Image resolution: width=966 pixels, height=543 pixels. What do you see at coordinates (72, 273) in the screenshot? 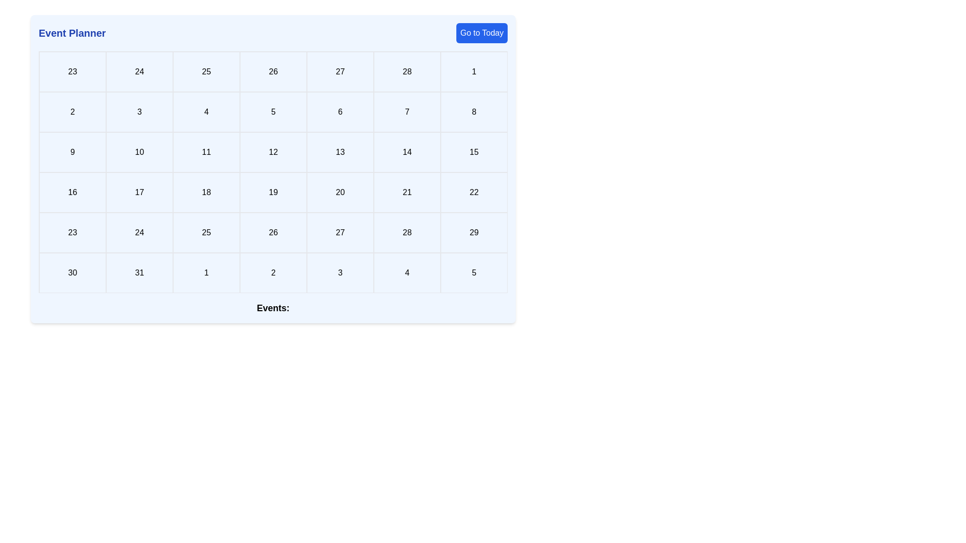
I see `the Text label displaying the date in the last row, first column of the calendar grid` at bounding box center [72, 273].